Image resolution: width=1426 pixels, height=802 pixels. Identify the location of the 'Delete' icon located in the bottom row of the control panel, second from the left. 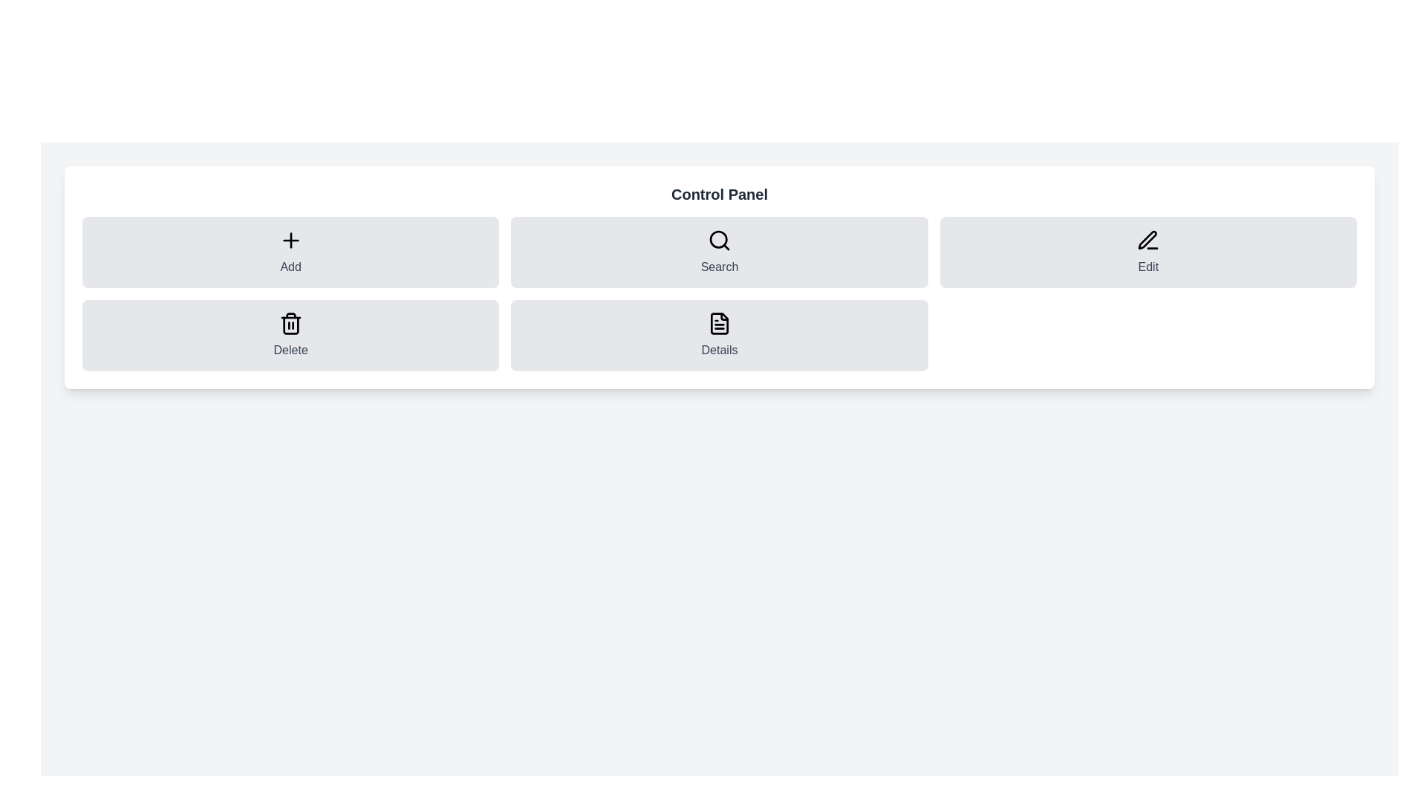
(290, 322).